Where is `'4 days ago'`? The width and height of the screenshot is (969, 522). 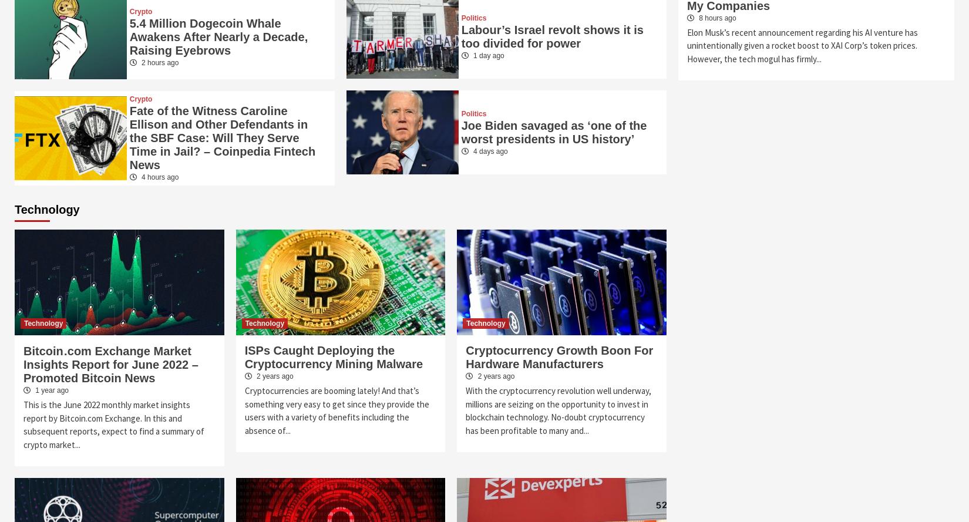 '4 days ago' is located at coordinates (489, 151).